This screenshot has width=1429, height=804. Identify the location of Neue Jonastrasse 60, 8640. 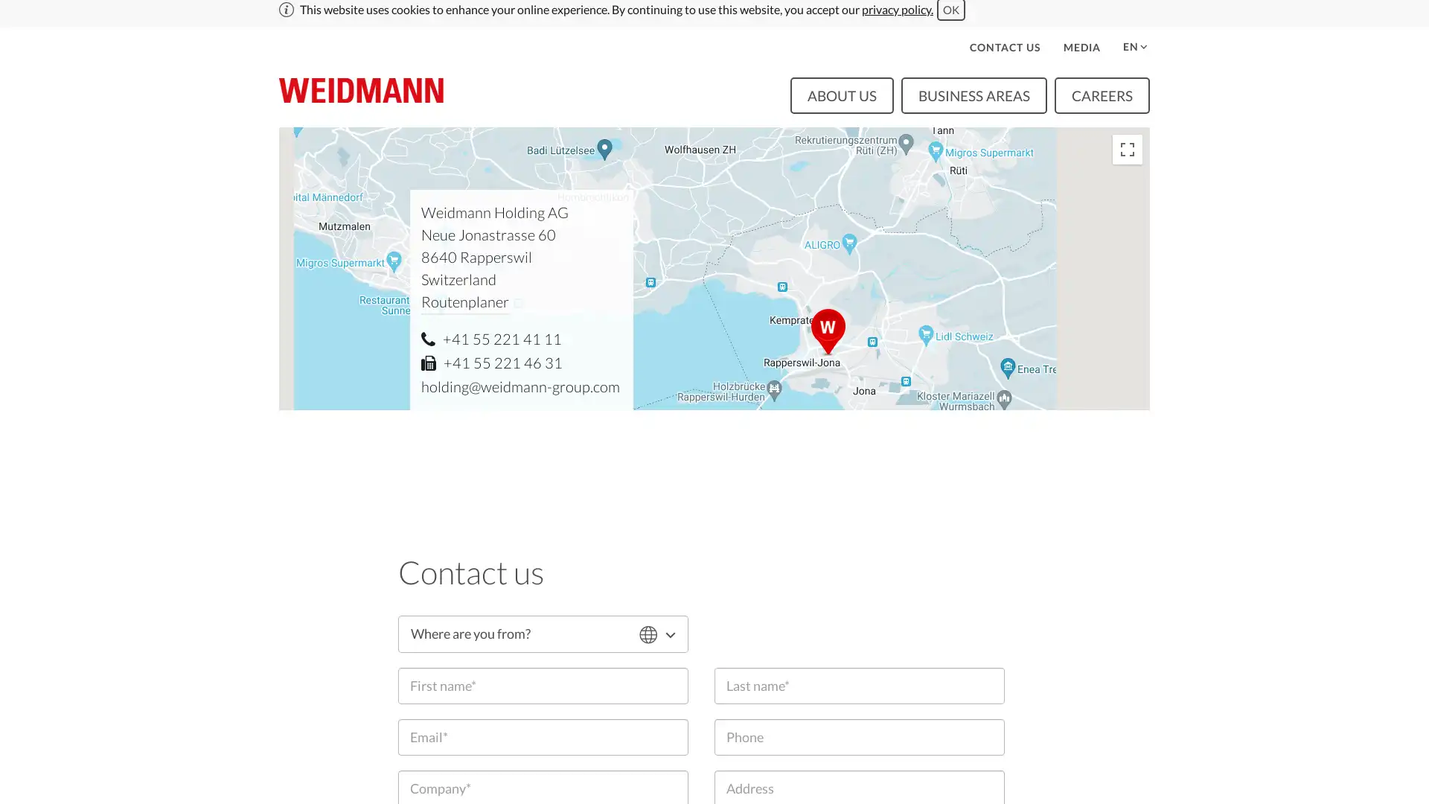
(828, 303).